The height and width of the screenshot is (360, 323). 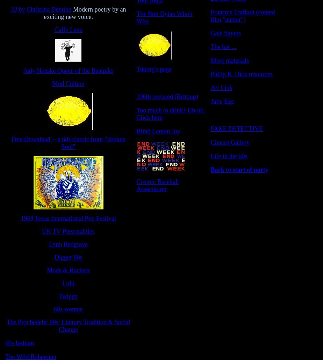 I want to click on 'UK TV Personalities', so click(x=68, y=231).